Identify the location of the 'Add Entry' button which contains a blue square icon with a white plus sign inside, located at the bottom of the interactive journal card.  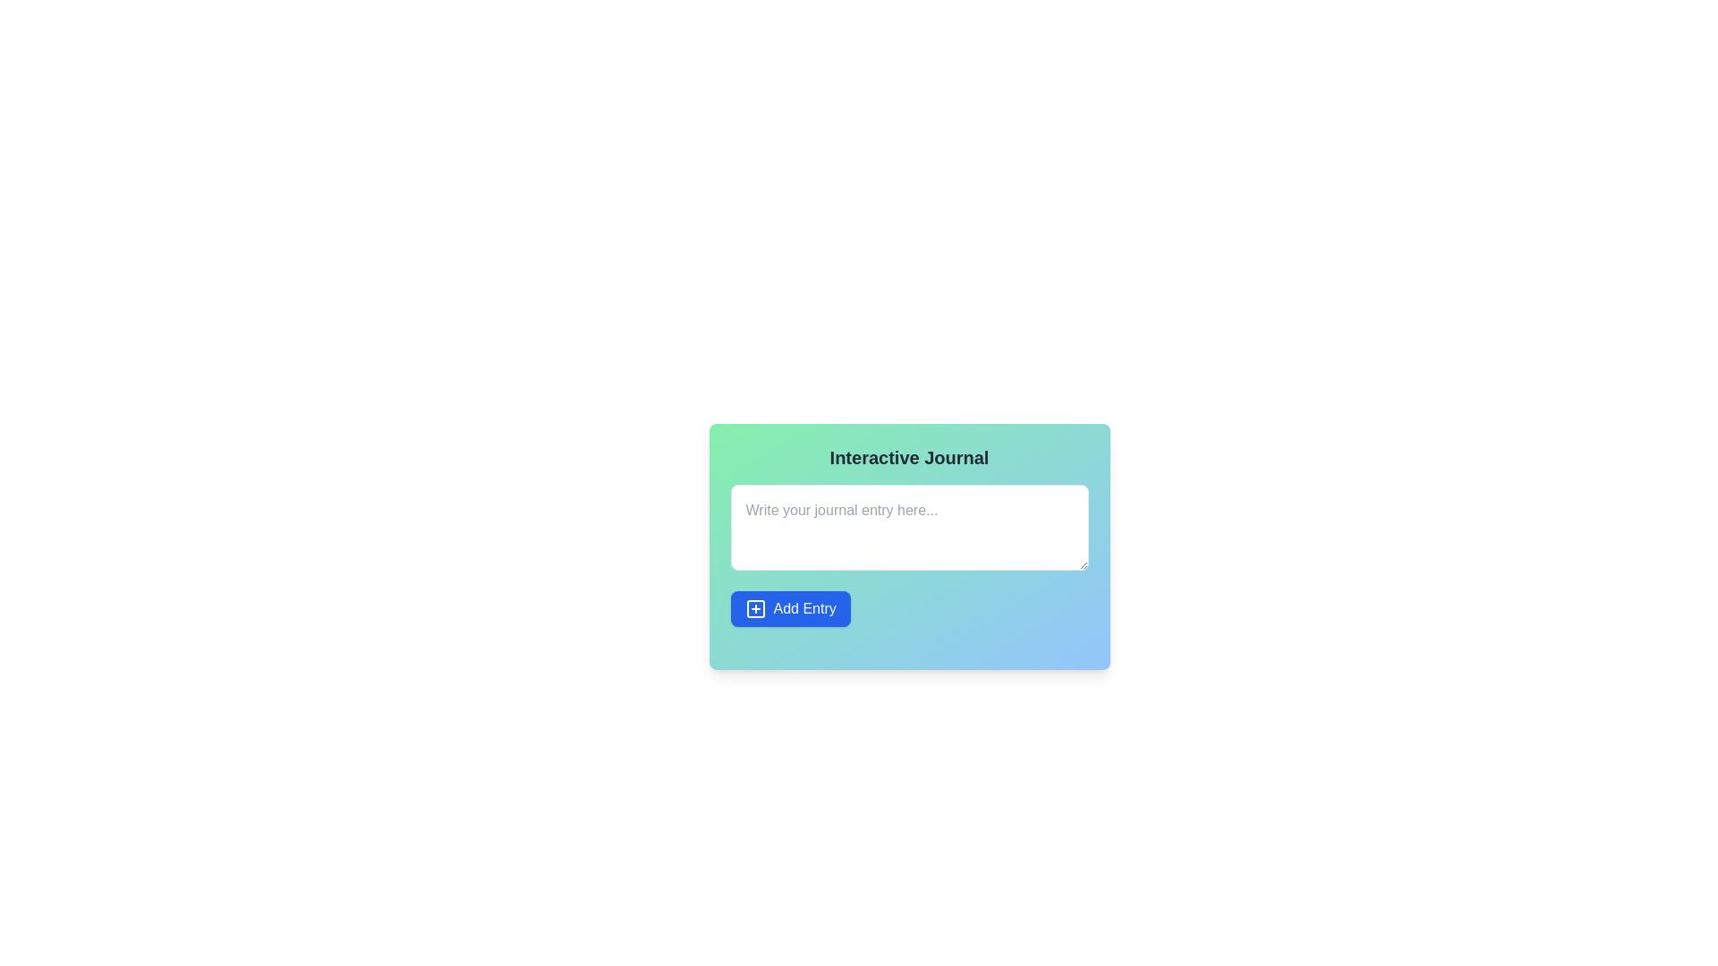
(755, 608).